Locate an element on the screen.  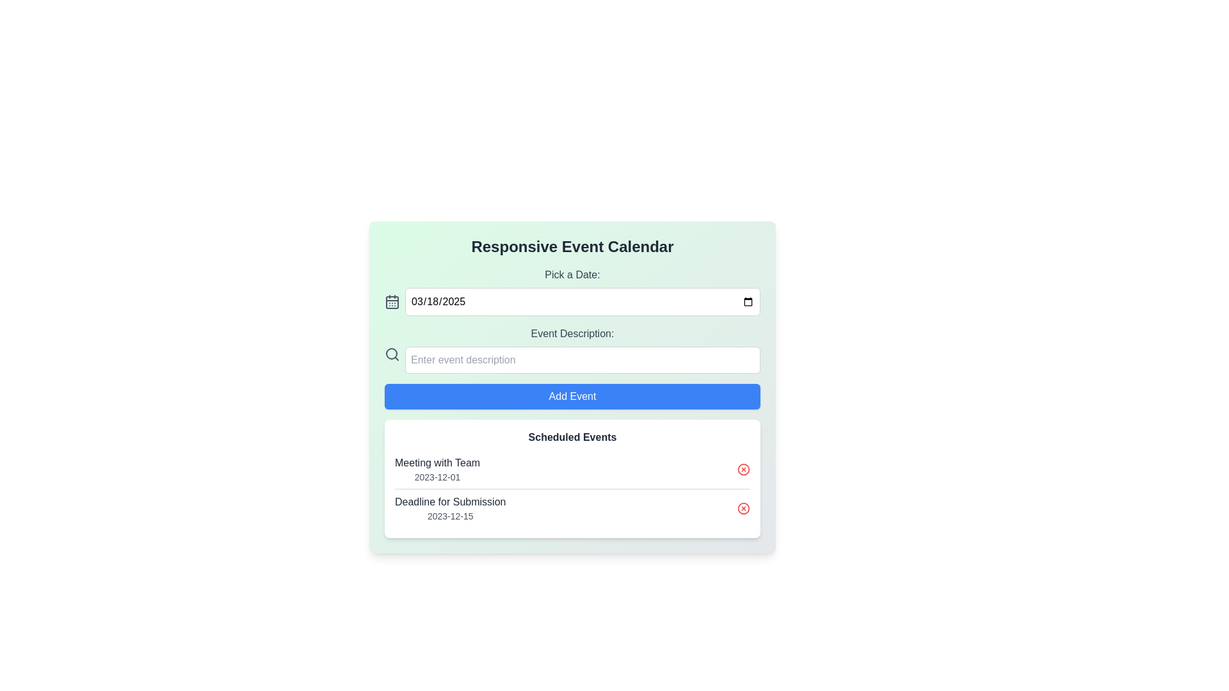
the text label displaying '2023-12-15' is located at coordinates (450, 515).